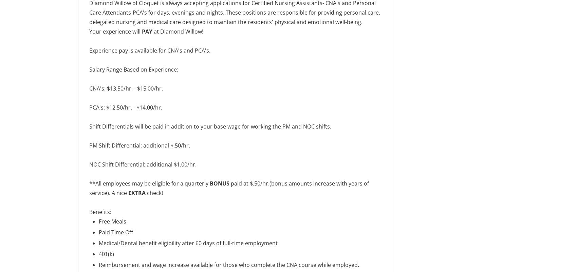 The image size is (577, 272). I want to click on 'at Diamond Willow!', so click(178, 32).